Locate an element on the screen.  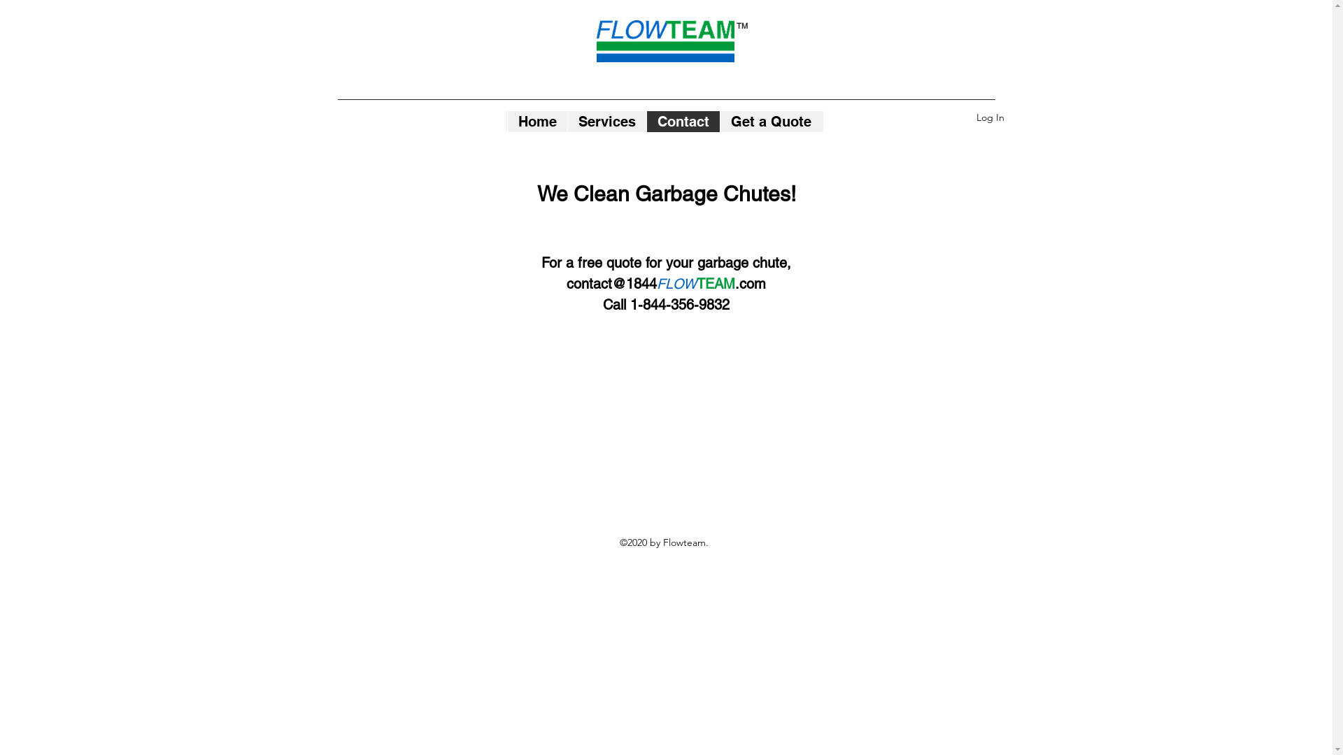
'Get a Quote' is located at coordinates (769, 120).